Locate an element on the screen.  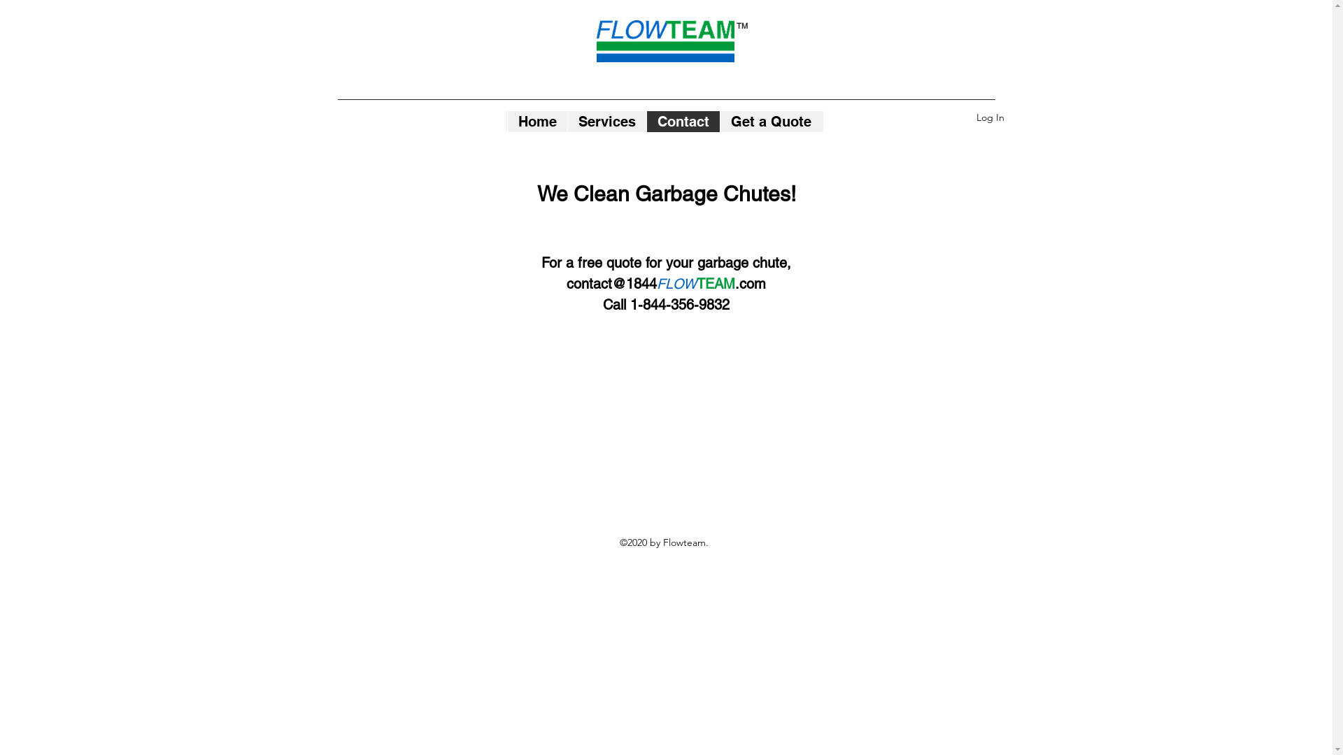
'Get a Quote' is located at coordinates (769, 120).